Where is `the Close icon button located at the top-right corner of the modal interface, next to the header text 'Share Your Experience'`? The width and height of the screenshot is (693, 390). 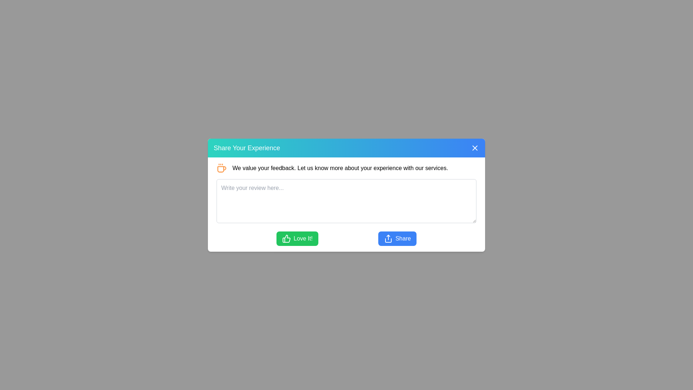 the Close icon button located at the top-right corner of the modal interface, next to the header text 'Share Your Experience' is located at coordinates (475, 147).